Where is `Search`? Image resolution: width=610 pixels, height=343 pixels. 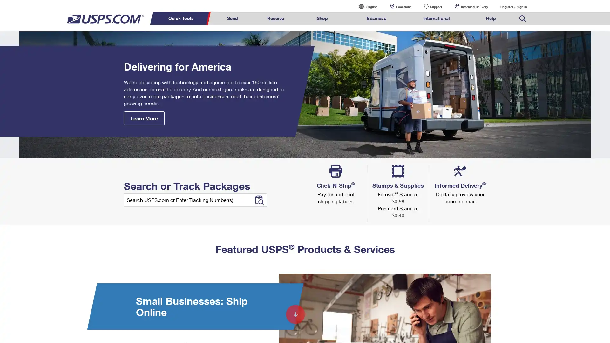
Search is located at coordinates (437, 194).